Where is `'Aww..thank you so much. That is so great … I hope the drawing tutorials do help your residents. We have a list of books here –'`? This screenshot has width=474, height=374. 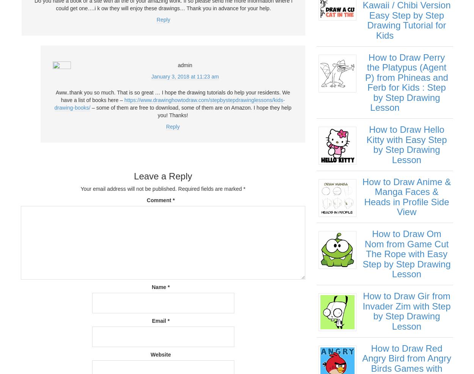
'Aww..thank you so much. That is so great … I hope the drawing tutorials do help your residents. We have a list of books here –' is located at coordinates (56, 96).